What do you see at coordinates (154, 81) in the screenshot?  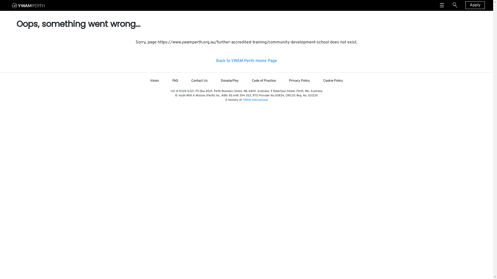 I see `'Vision'` at bounding box center [154, 81].